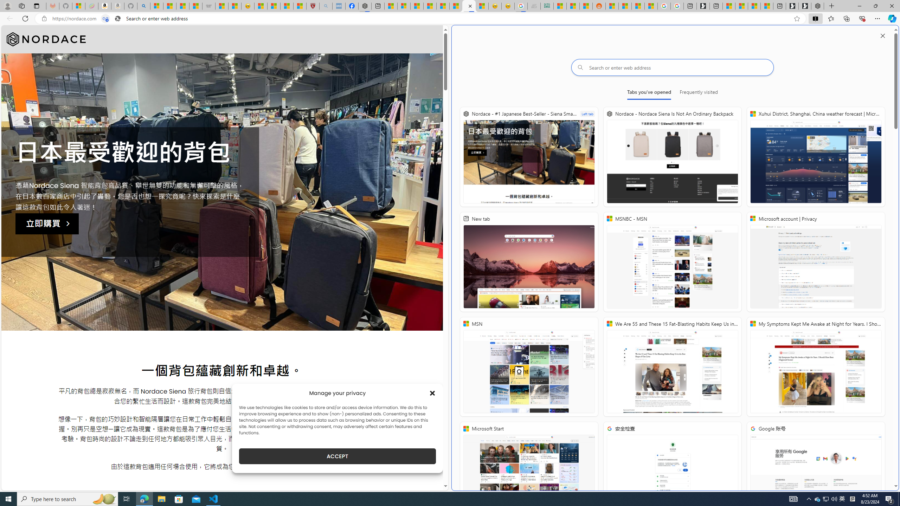  What do you see at coordinates (105, 19) in the screenshot?
I see `'Tabs in split screen'` at bounding box center [105, 19].